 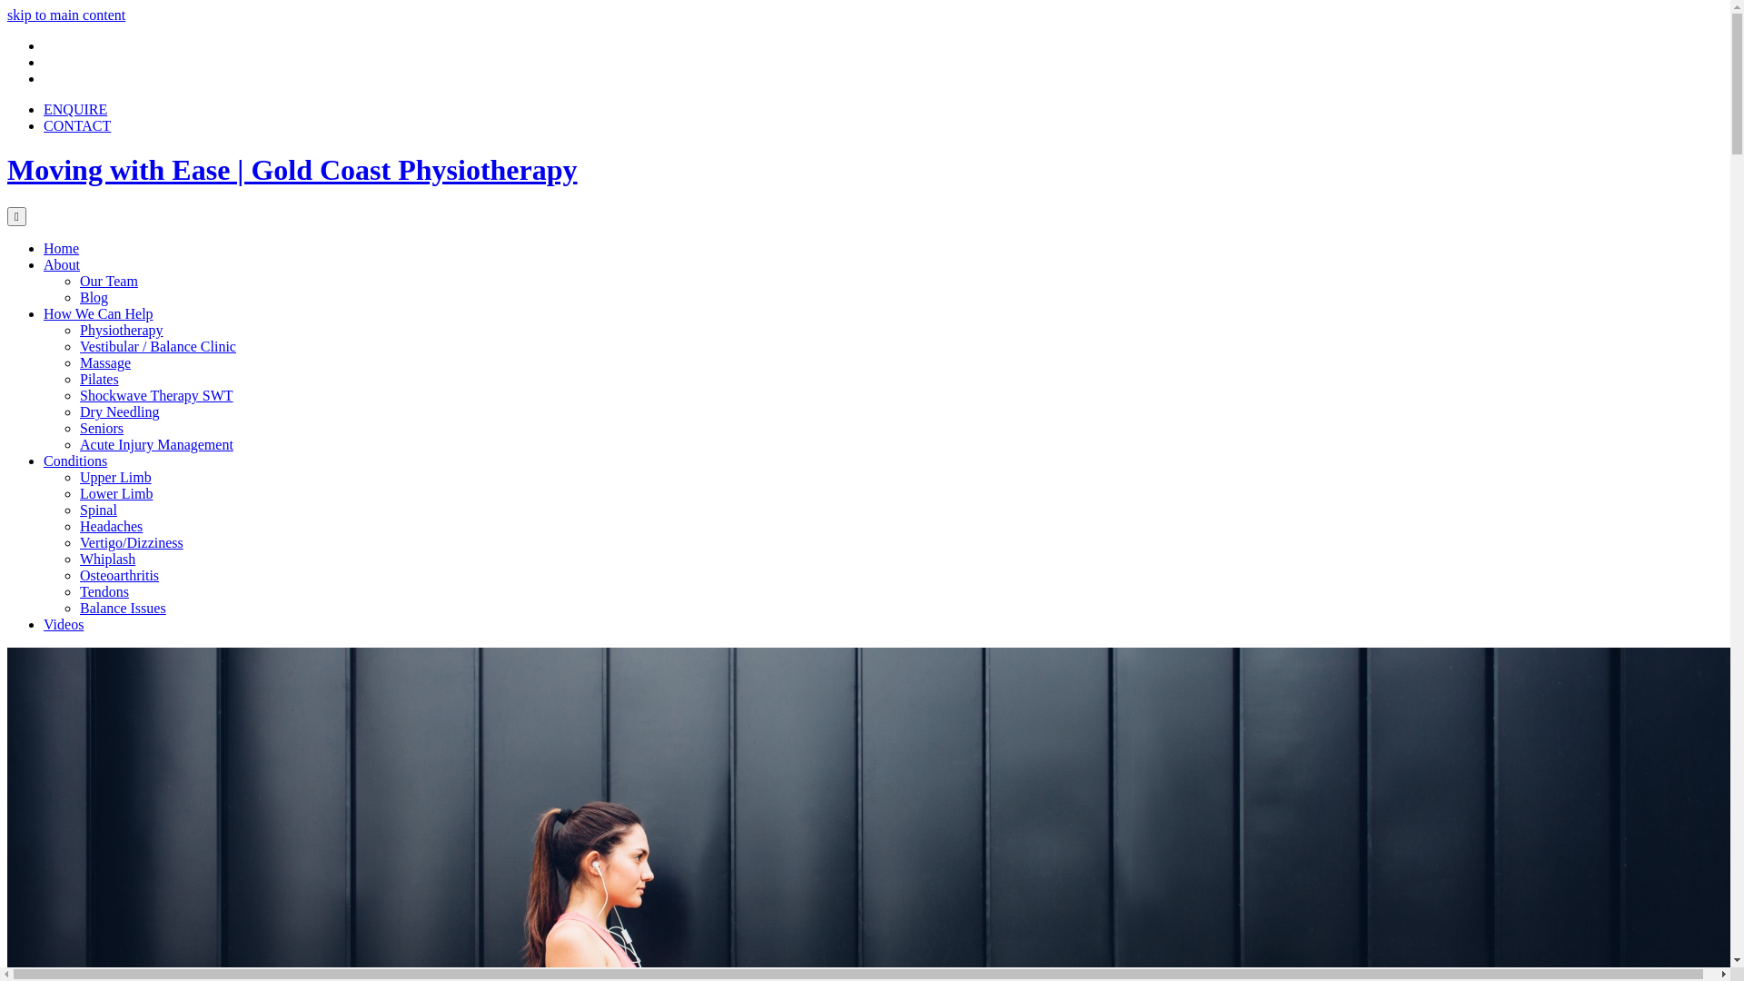 What do you see at coordinates (115, 493) in the screenshot?
I see `'Lower Limb'` at bounding box center [115, 493].